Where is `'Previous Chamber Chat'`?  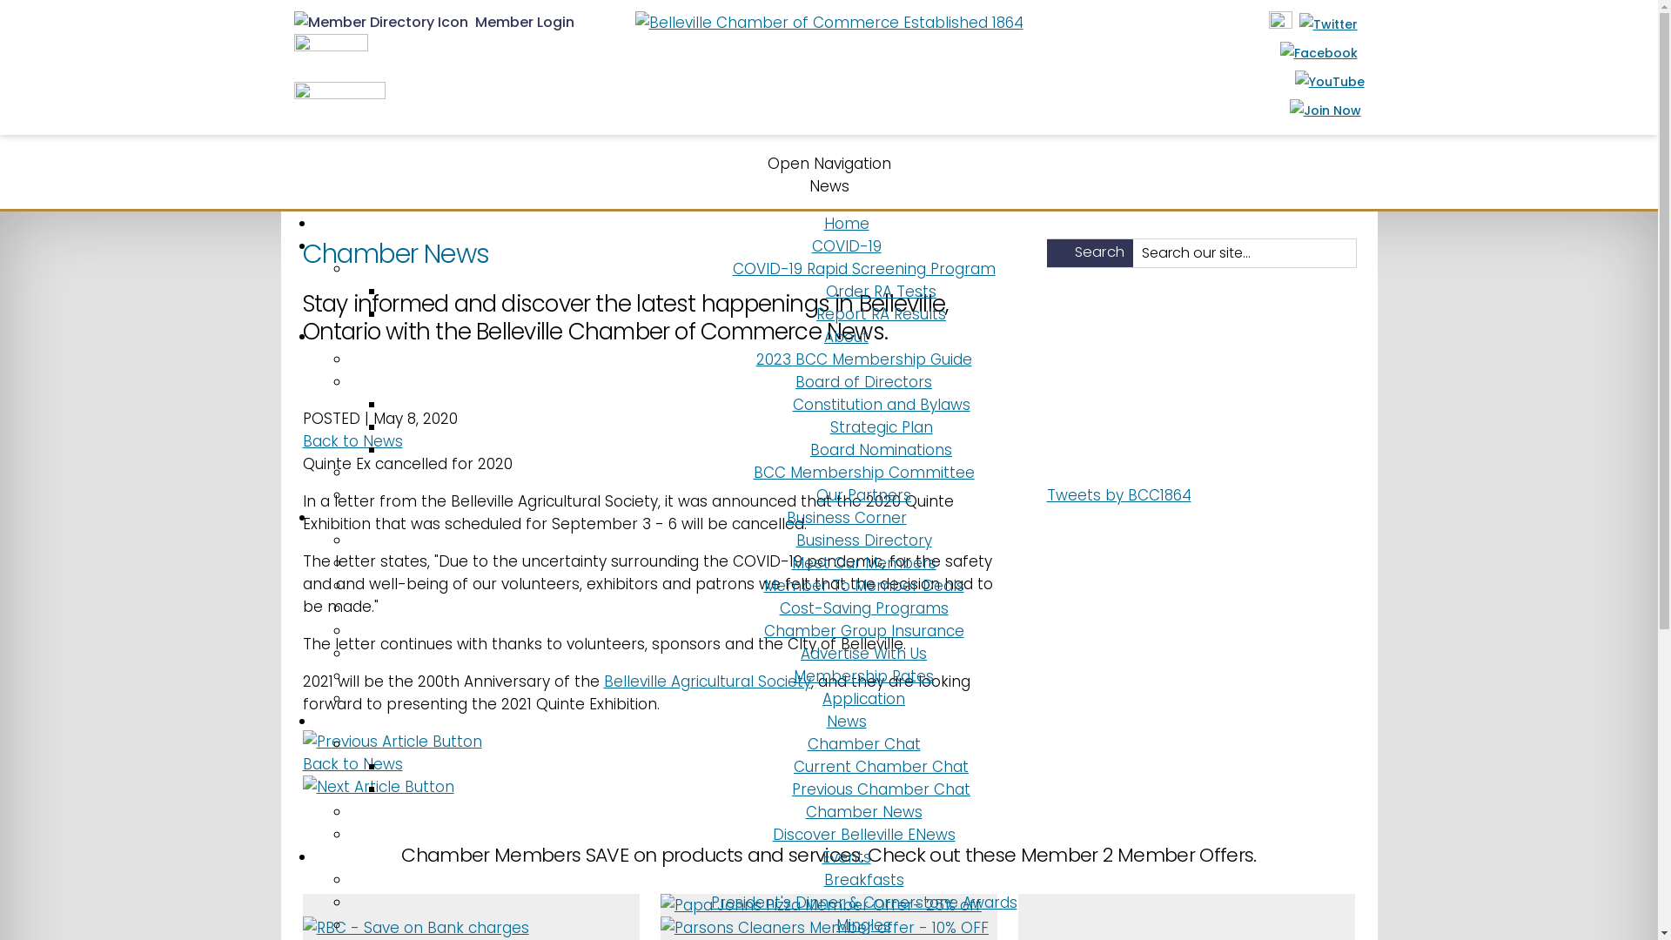
'Previous Chamber Chat' is located at coordinates (791, 789).